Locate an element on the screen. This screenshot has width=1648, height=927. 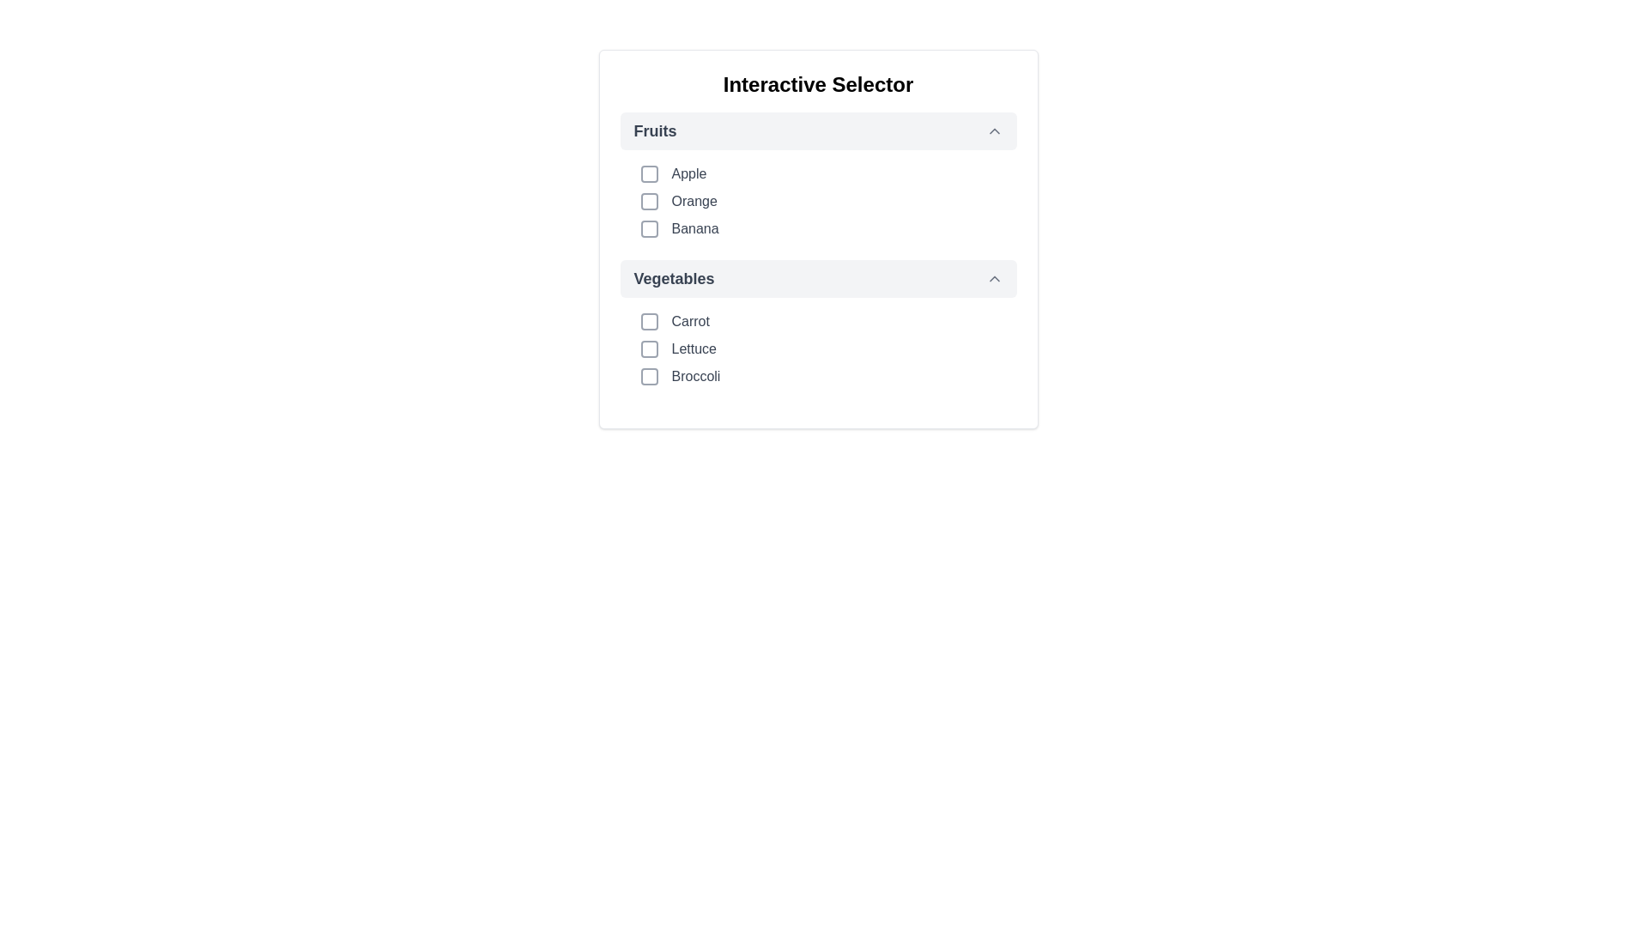
the 'Orange' checkbox in the 'Fruits' list, which is the second item below 'Apple' is located at coordinates (828, 201).